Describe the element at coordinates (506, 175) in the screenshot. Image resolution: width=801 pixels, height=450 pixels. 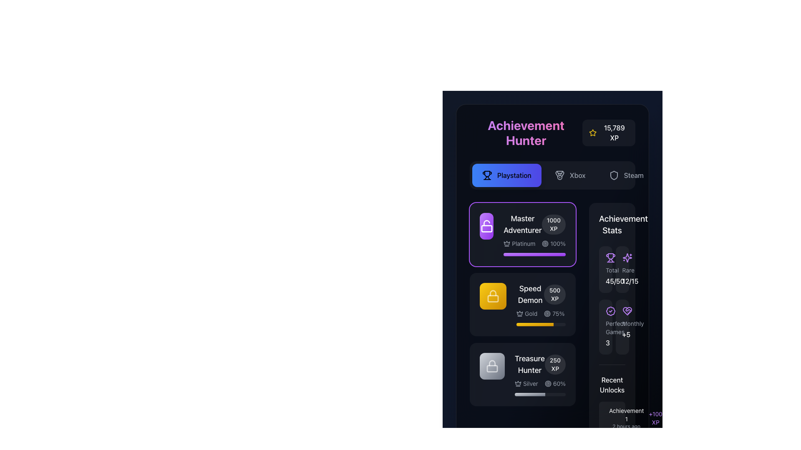
I see `the leftmost button in the group of three buttons` at that location.